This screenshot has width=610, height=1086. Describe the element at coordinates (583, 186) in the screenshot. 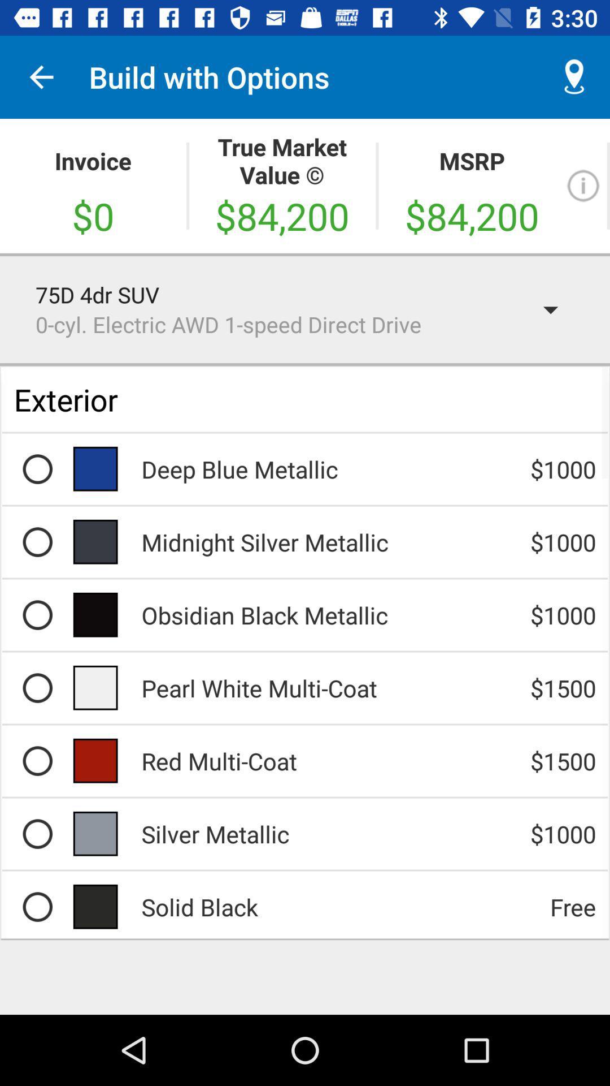

I see `update` at that location.